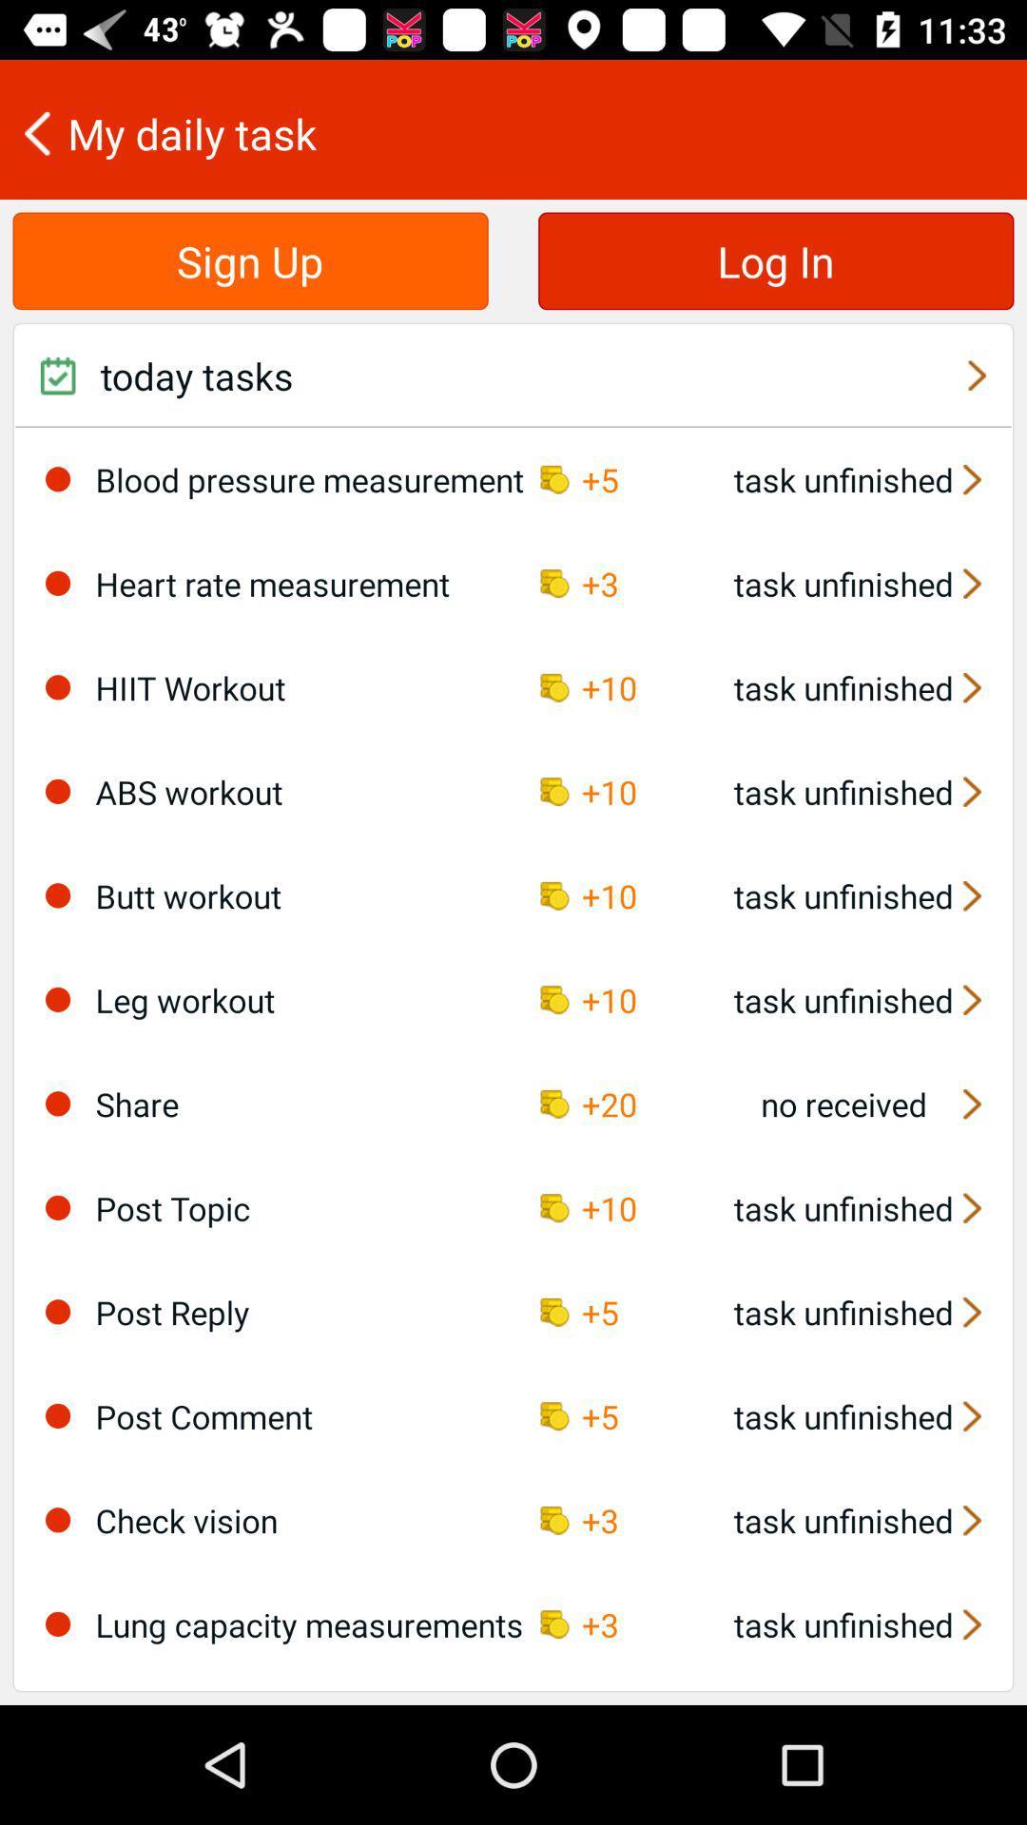 The width and height of the screenshot is (1027, 1825). What do you see at coordinates (57, 894) in the screenshot?
I see `deselect workout` at bounding box center [57, 894].